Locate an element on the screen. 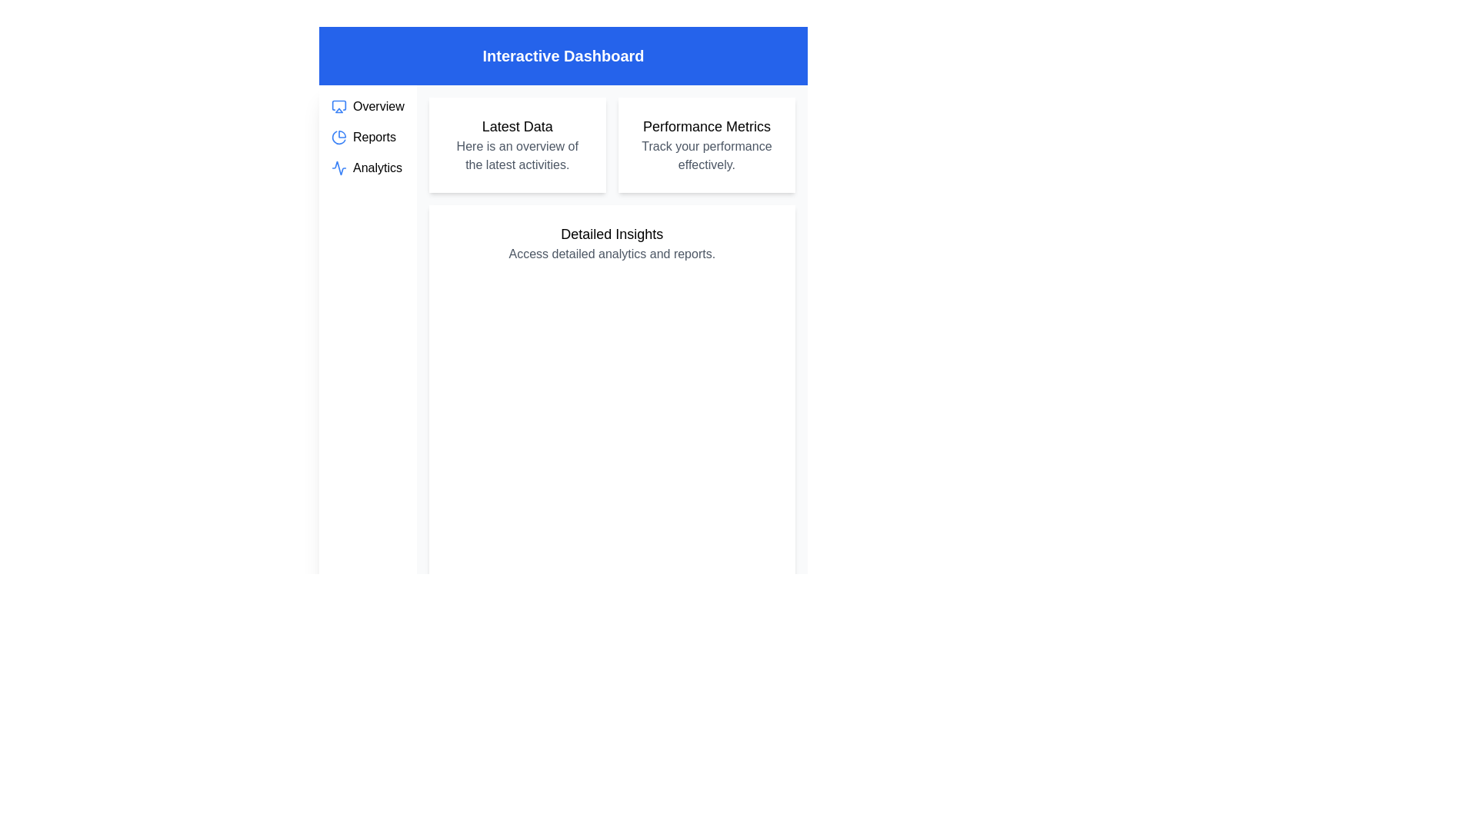 Image resolution: width=1477 pixels, height=830 pixels. the Text header that introduces content related to performance metrics, located at the top of the second card on the rightmost side of the layout is located at coordinates (705, 126).